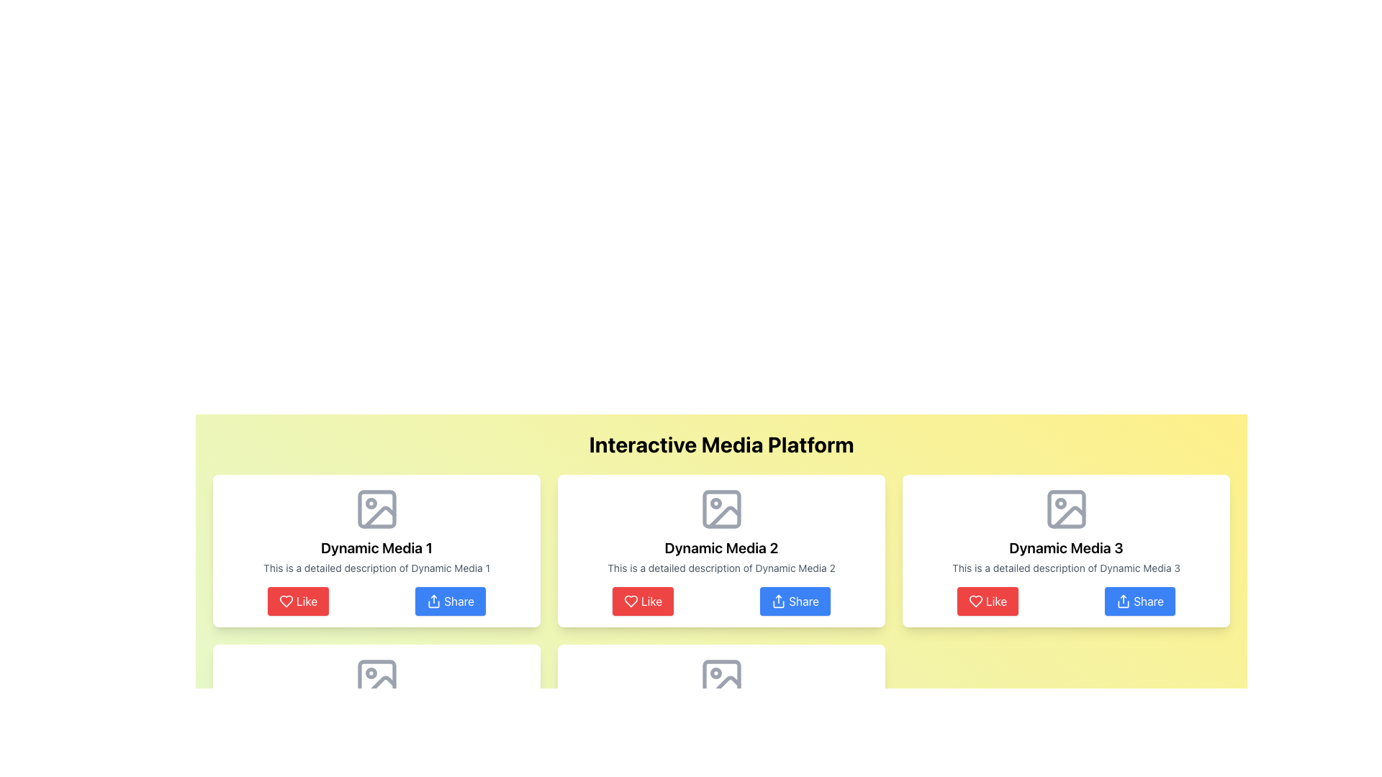 The height and width of the screenshot is (777, 1382). Describe the element at coordinates (631, 601) in the screenshot. I see `the red heart-shaped icon within the 'Like' button located below the card titled 'Dynamic Media 2'` at that location.